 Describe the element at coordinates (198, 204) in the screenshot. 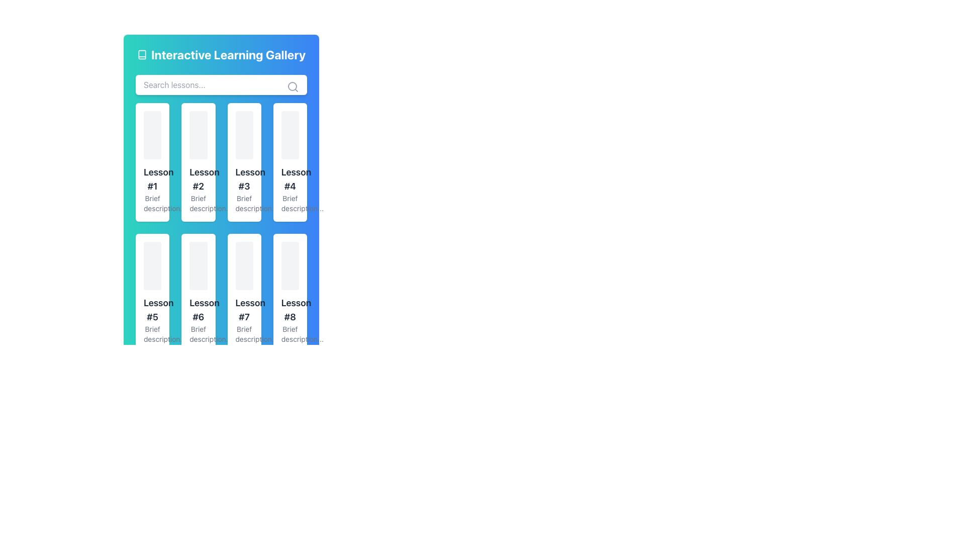

I see `text label providing supplementary information related to the 'Lesson #2' card, located at the bottom of the card in the second column of the first row` at that location.